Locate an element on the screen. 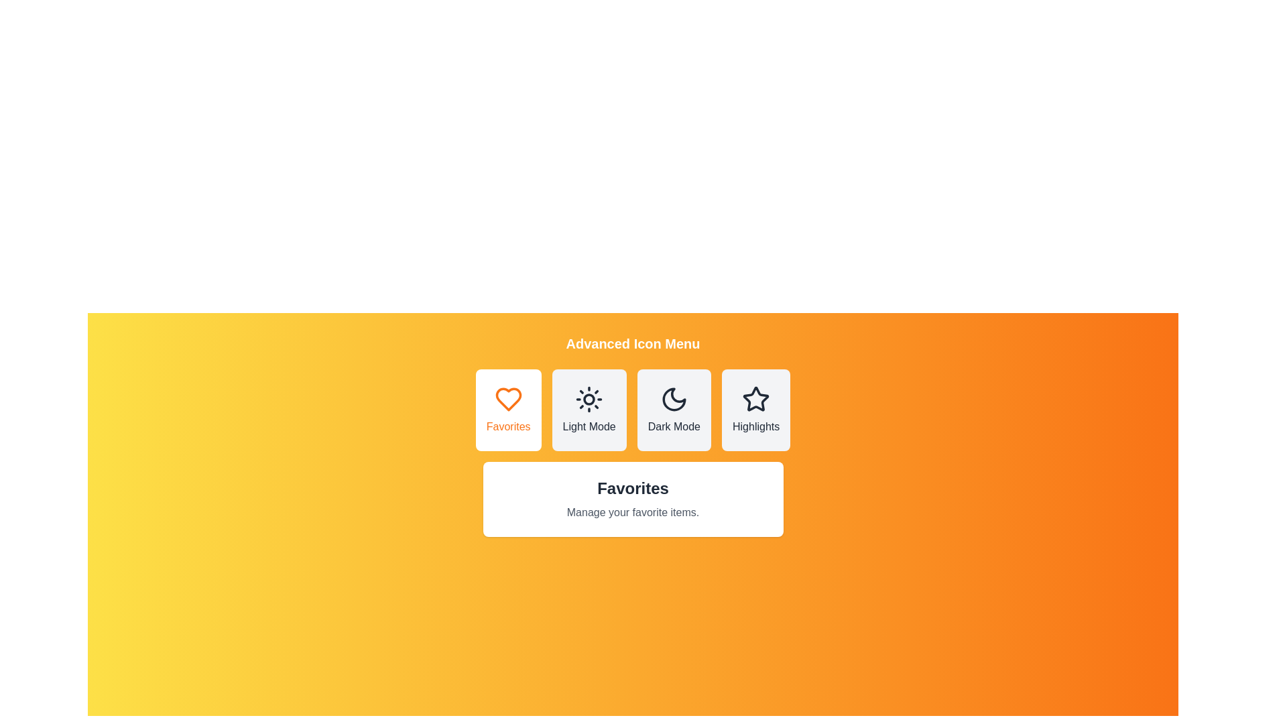  the bold headline text label displaying 'Favorites', which is prominently positioned above the descriptive text 'Manage your favorite items.' is located at coordinates (632, 489).